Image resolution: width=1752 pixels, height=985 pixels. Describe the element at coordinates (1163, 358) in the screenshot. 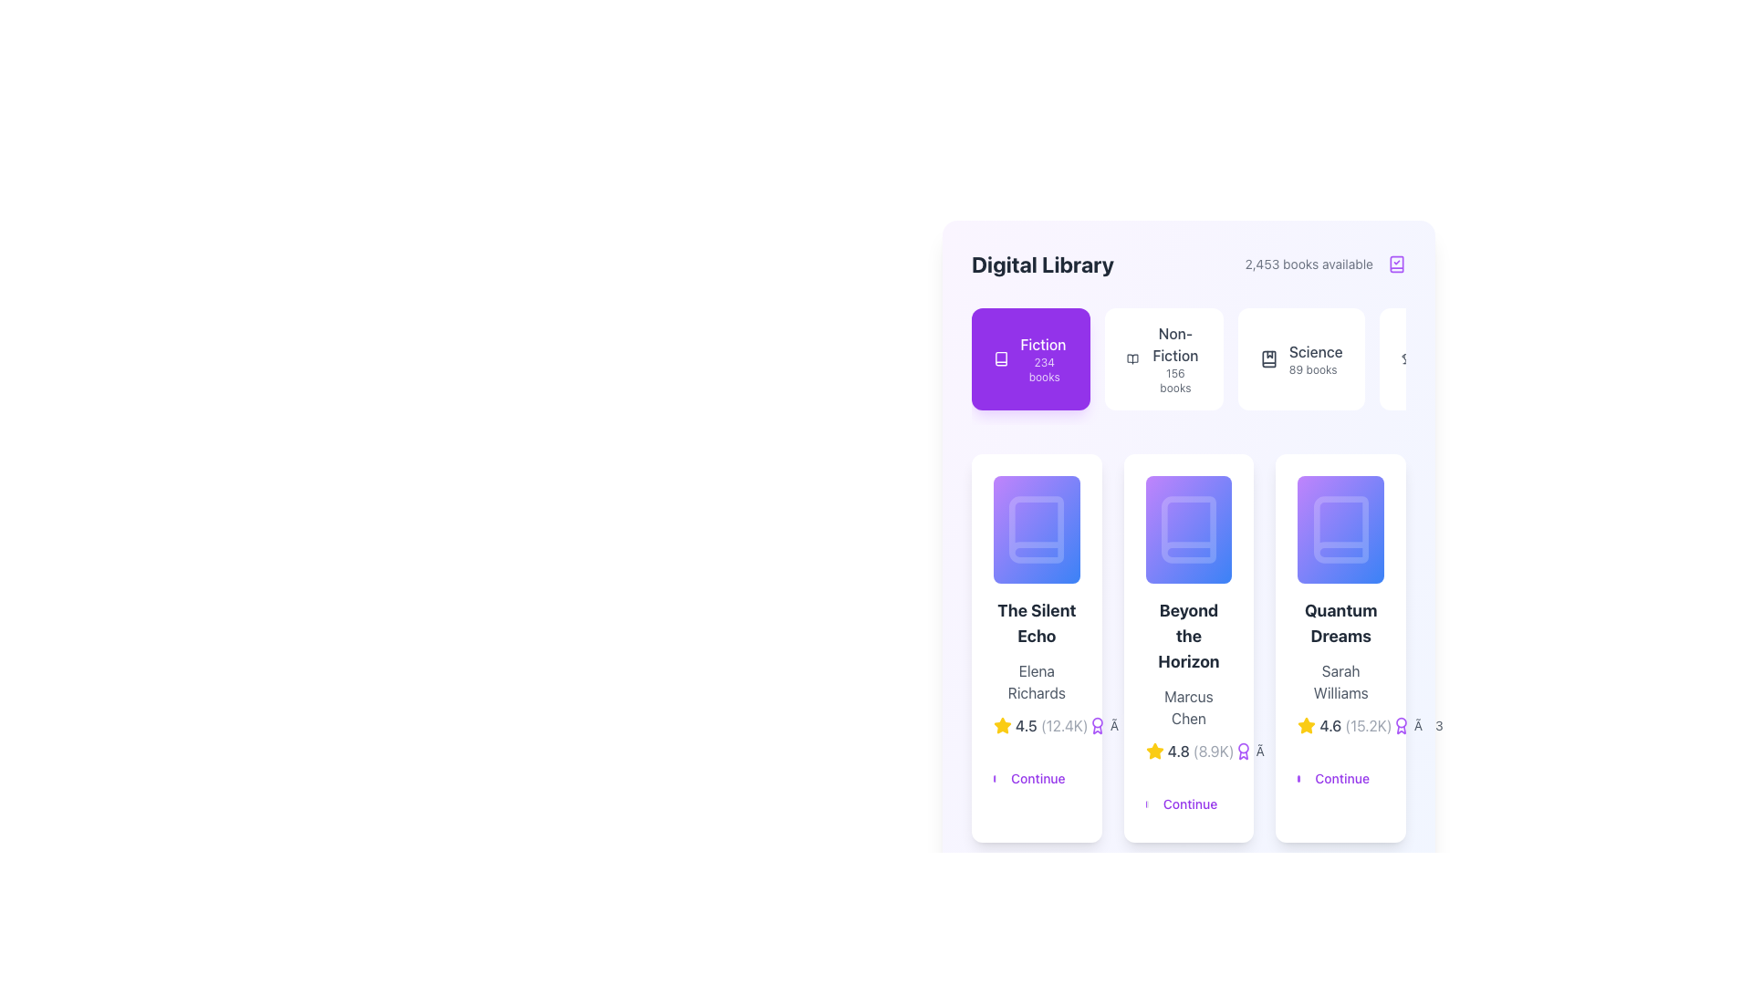

I see `the Non-Fiction category card, which features the text 'Non-Fiction' in bold and '156 books' below it, and includes an open book icon to the left` at that location.